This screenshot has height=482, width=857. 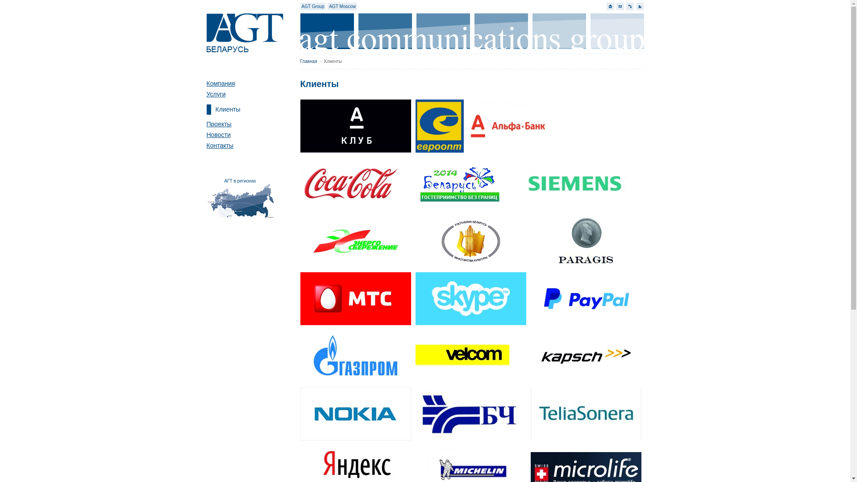 I want to click on 'Evroopt', so click(x=439, y=126).